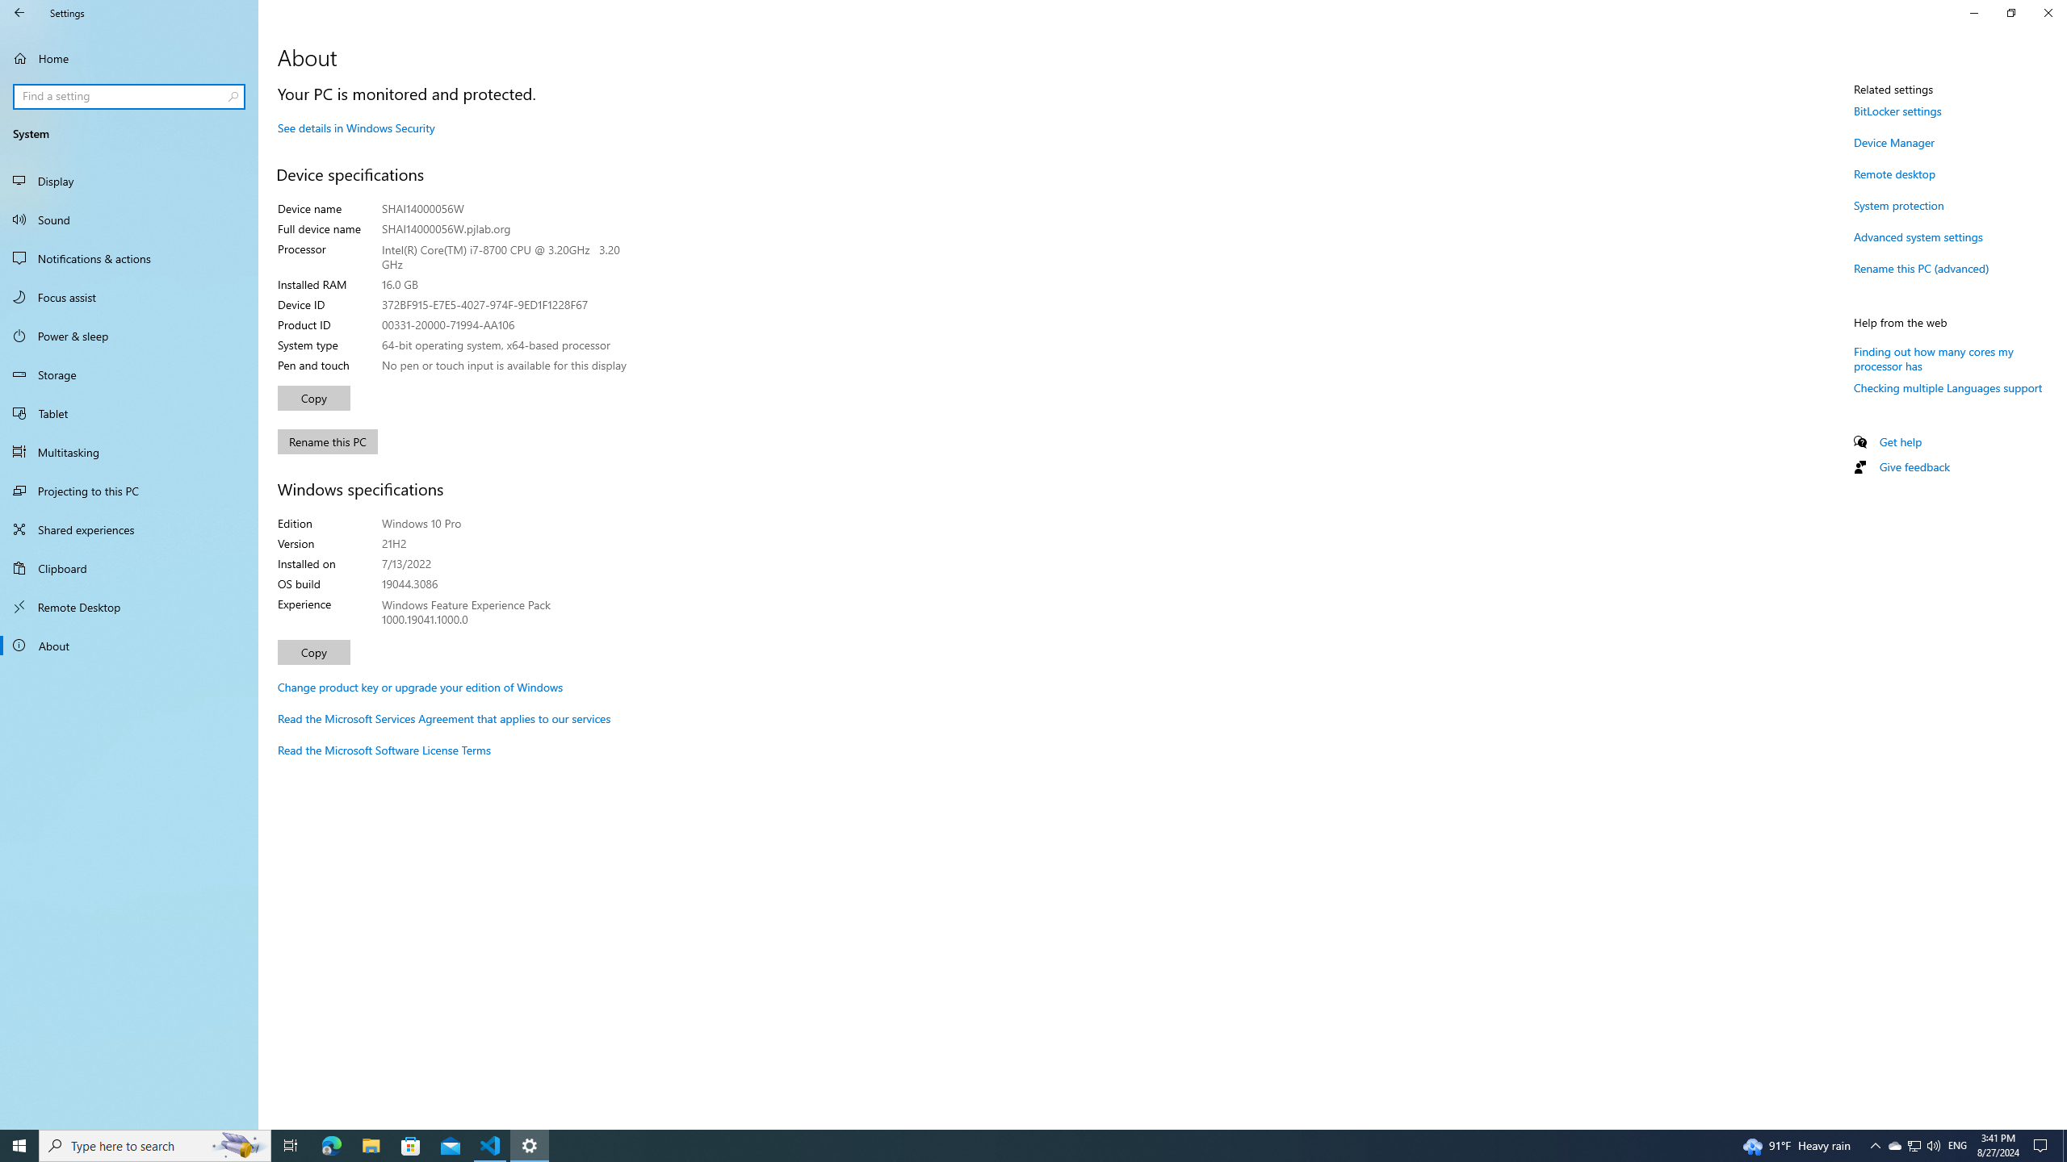 The width and height of the screenshot is (2067, 1162). Describe the element at coordinates (1920, 268) in the screenshot. I see `'Rename this PC (advanced)'` at that location.